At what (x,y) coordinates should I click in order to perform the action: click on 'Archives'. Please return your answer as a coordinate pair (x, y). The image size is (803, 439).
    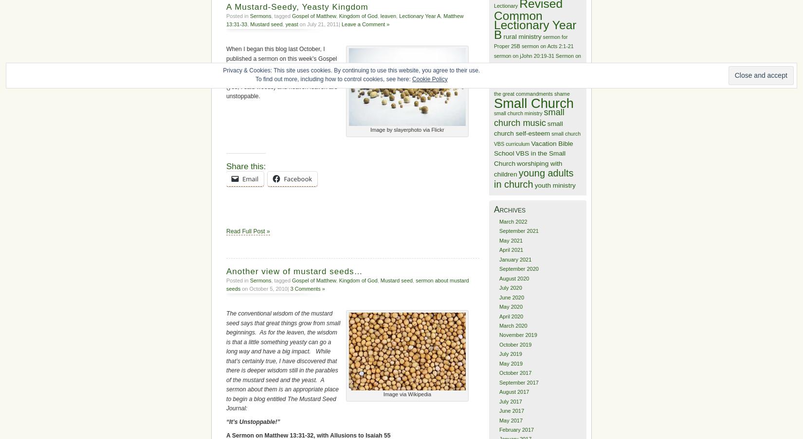
    Looking at the image, I should click on (510, 209).